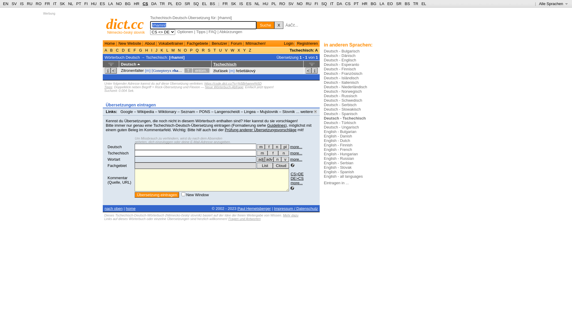 This screenshot has width=572, height=322. I want to click on 'F', so click(134, 50).